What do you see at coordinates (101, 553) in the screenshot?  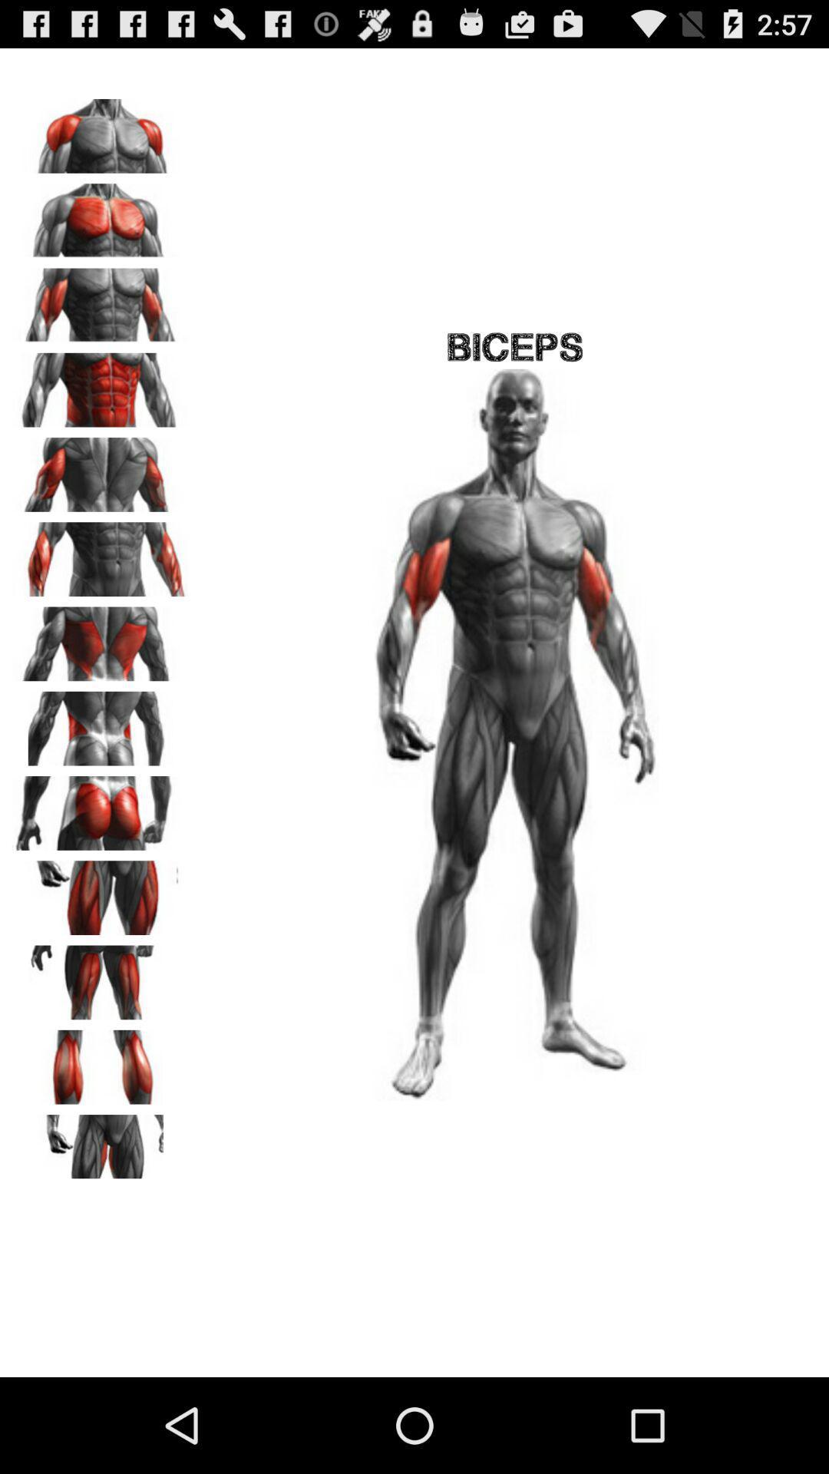 I see `open up info on specific muscle group` at bounding box center [101, 553].